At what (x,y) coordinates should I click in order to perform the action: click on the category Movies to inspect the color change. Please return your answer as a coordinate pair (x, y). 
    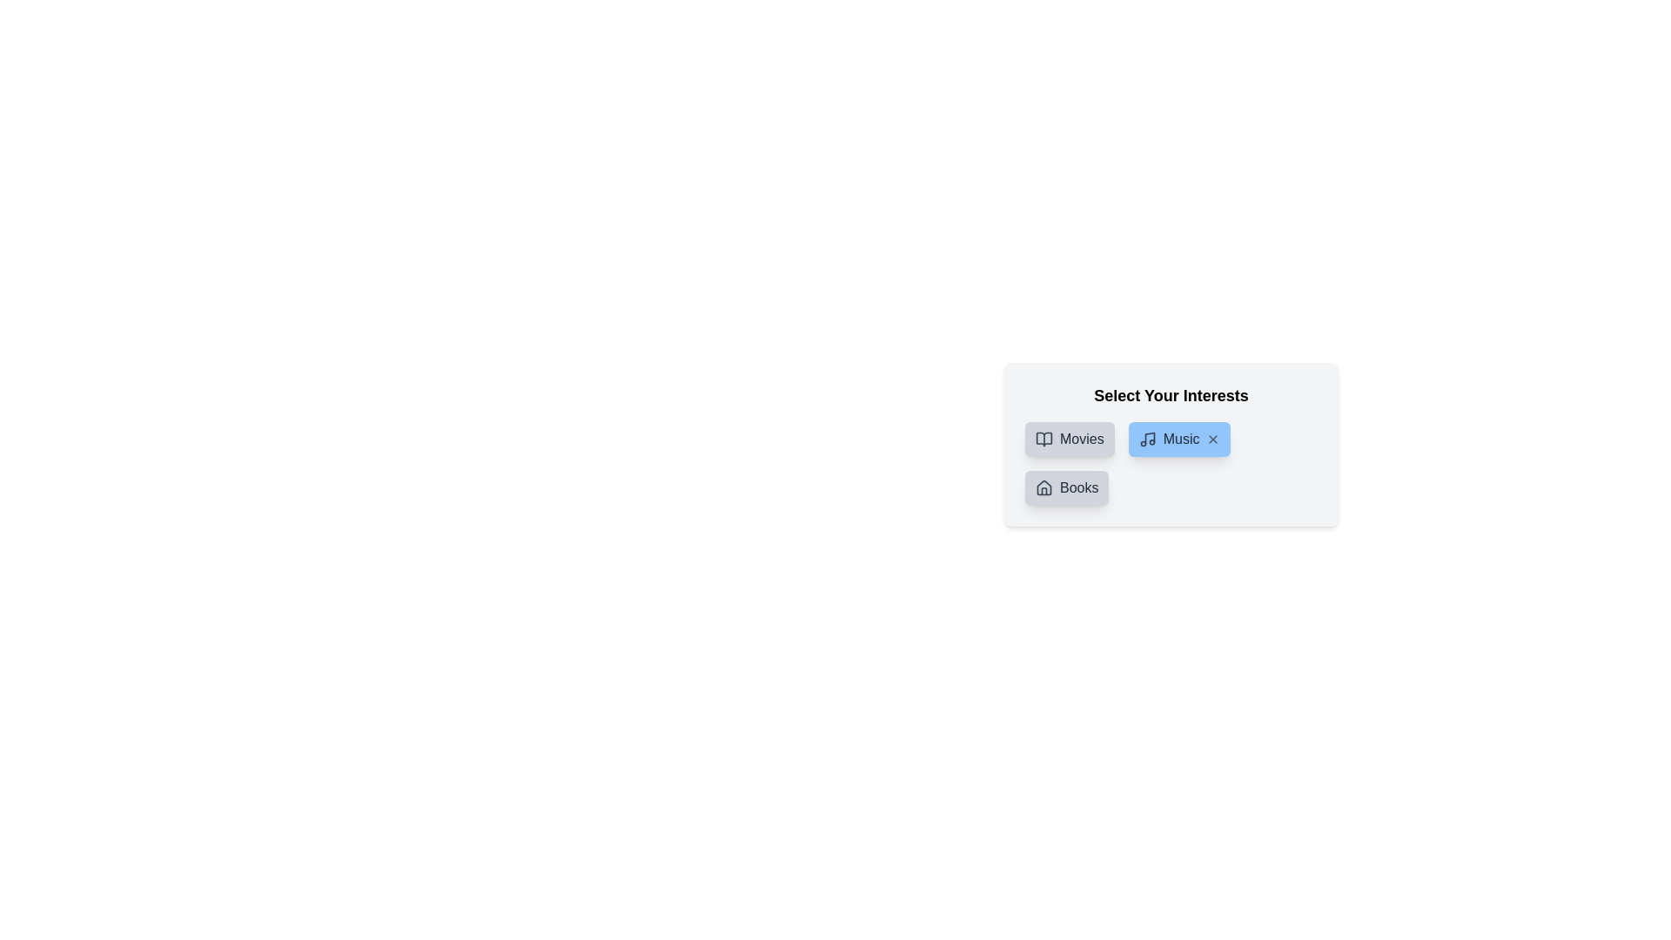
    Looking at the image, I should click on (1068, 439).